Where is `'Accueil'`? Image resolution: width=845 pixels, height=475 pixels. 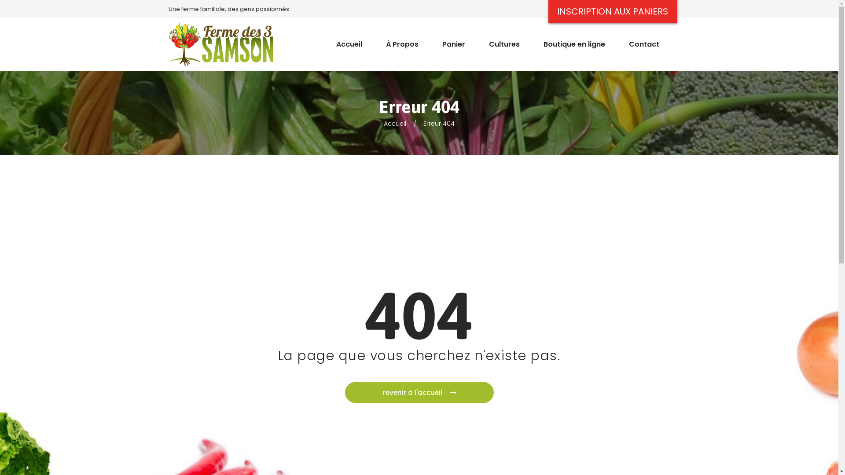
'Accueil' is located at coordinates (324, 40).